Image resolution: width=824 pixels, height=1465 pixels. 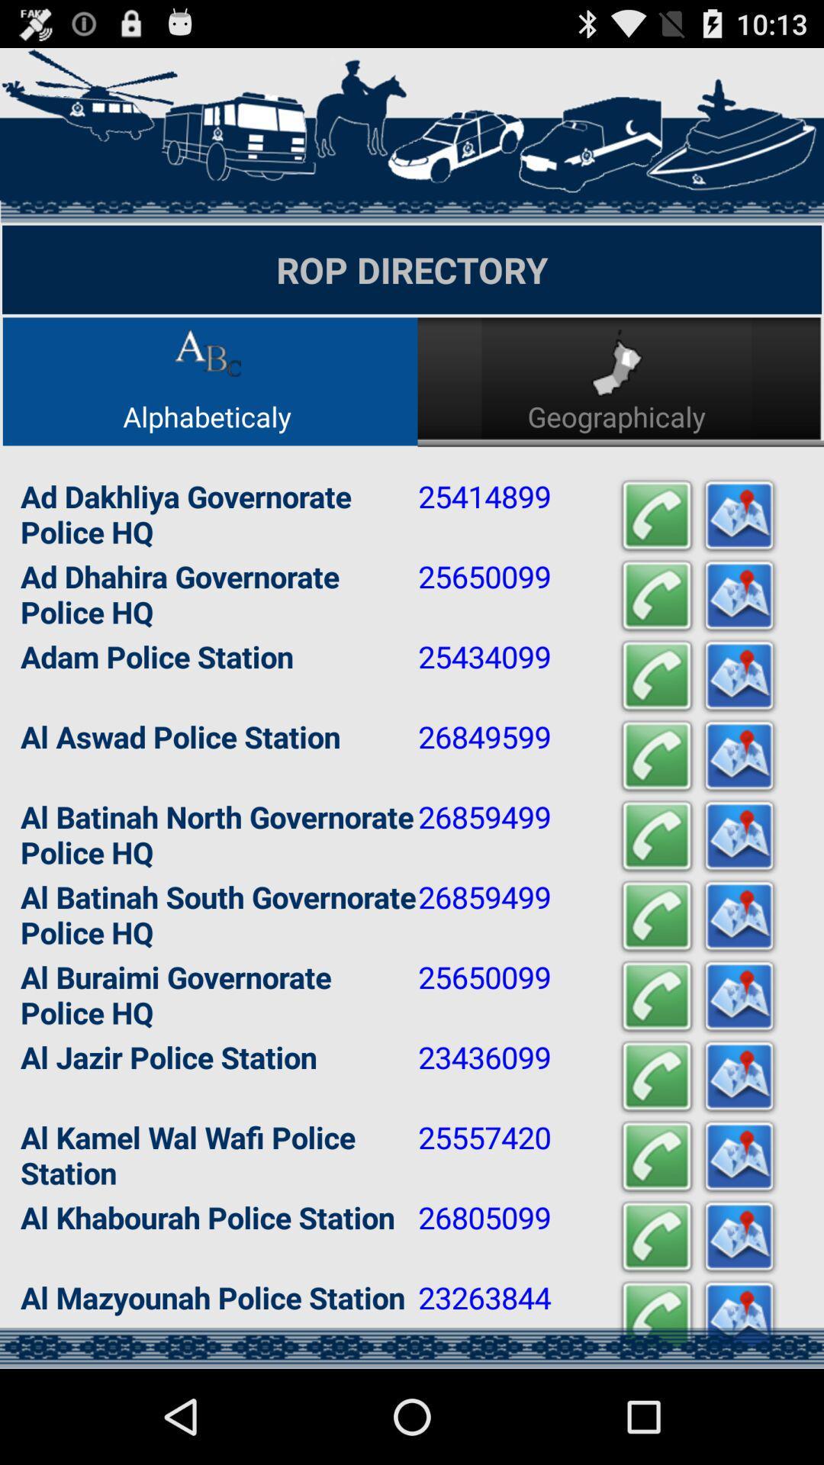 What do you see at coordinates (655, 1409) in the screenshot?
I see `the call icon` at bounding box center [655, 1409].